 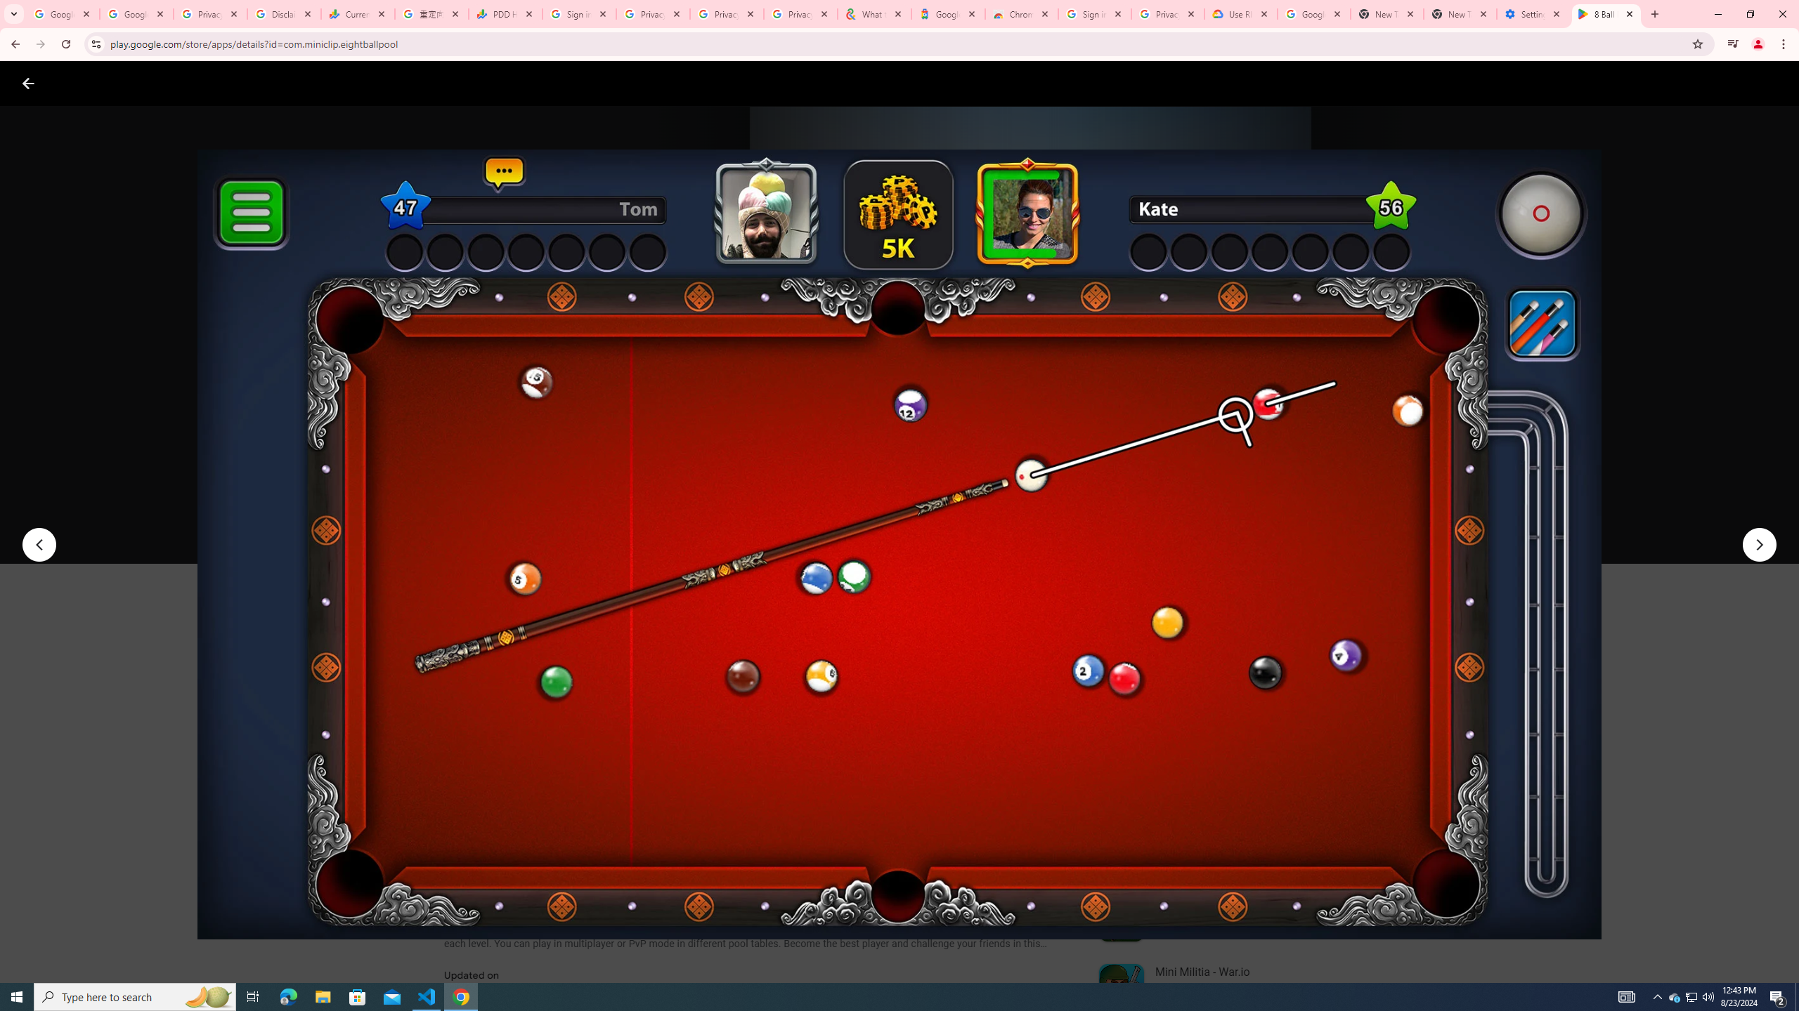 I want to click on 'Sign in - Google Accounts', so click(x=578, y=13).